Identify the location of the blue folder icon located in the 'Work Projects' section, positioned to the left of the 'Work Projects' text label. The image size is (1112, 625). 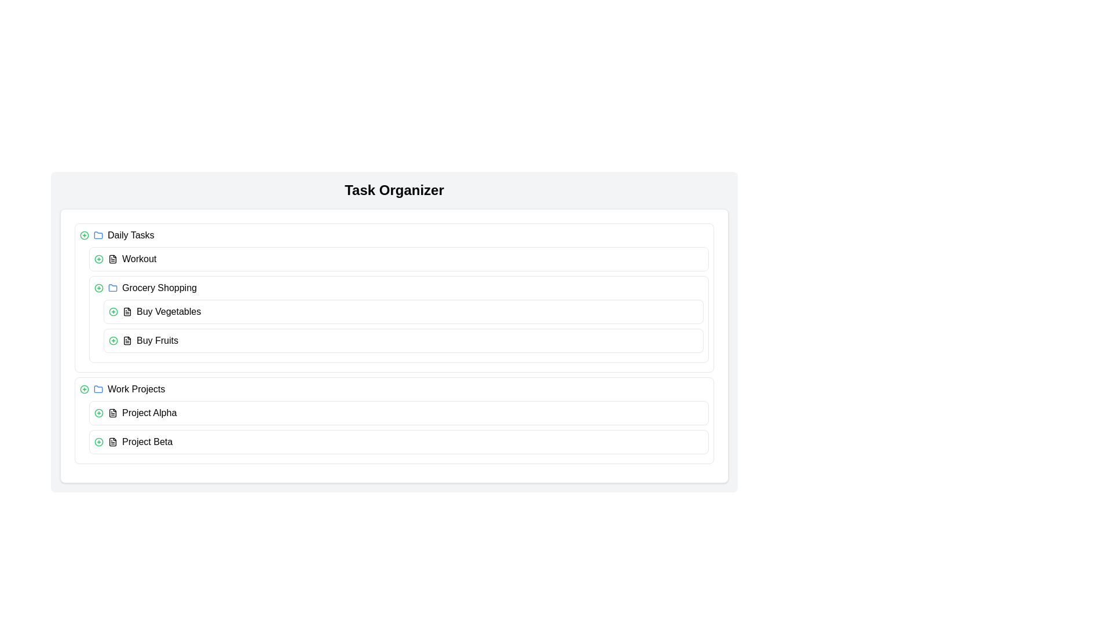
(98, 389).